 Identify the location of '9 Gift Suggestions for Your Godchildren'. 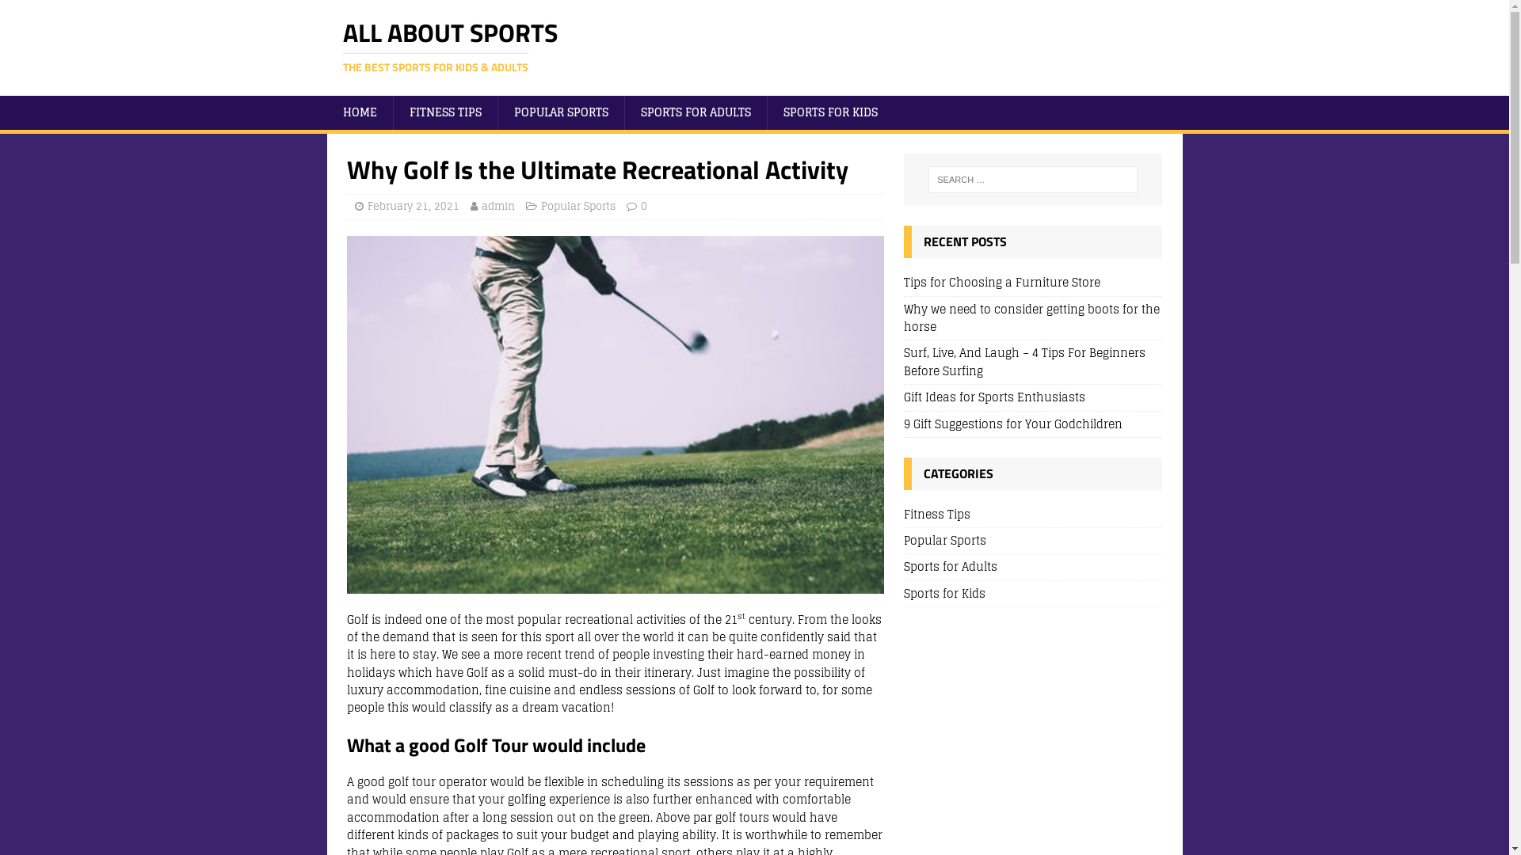
(1012, 423).